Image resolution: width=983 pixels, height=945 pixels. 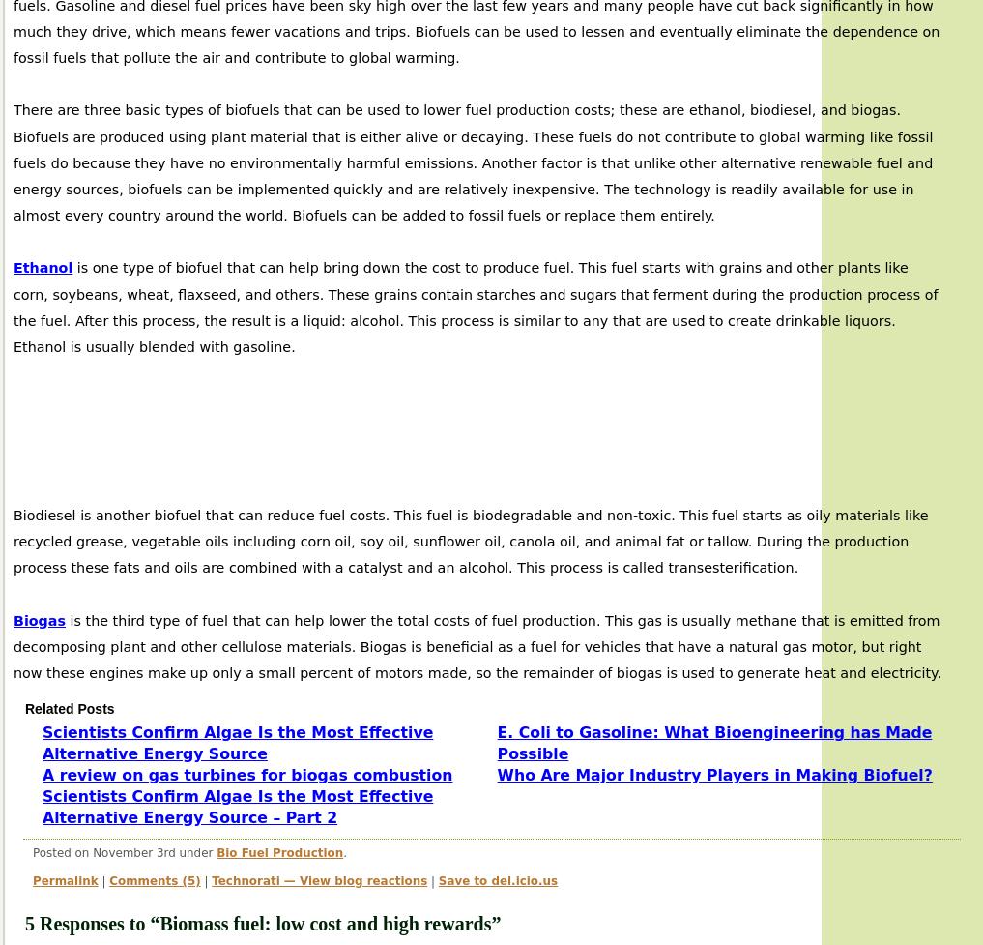 I want to click on 'Scientists Confirm Algae Is the Most Effective Alternative Energy Source', so click(x=237, y=743).